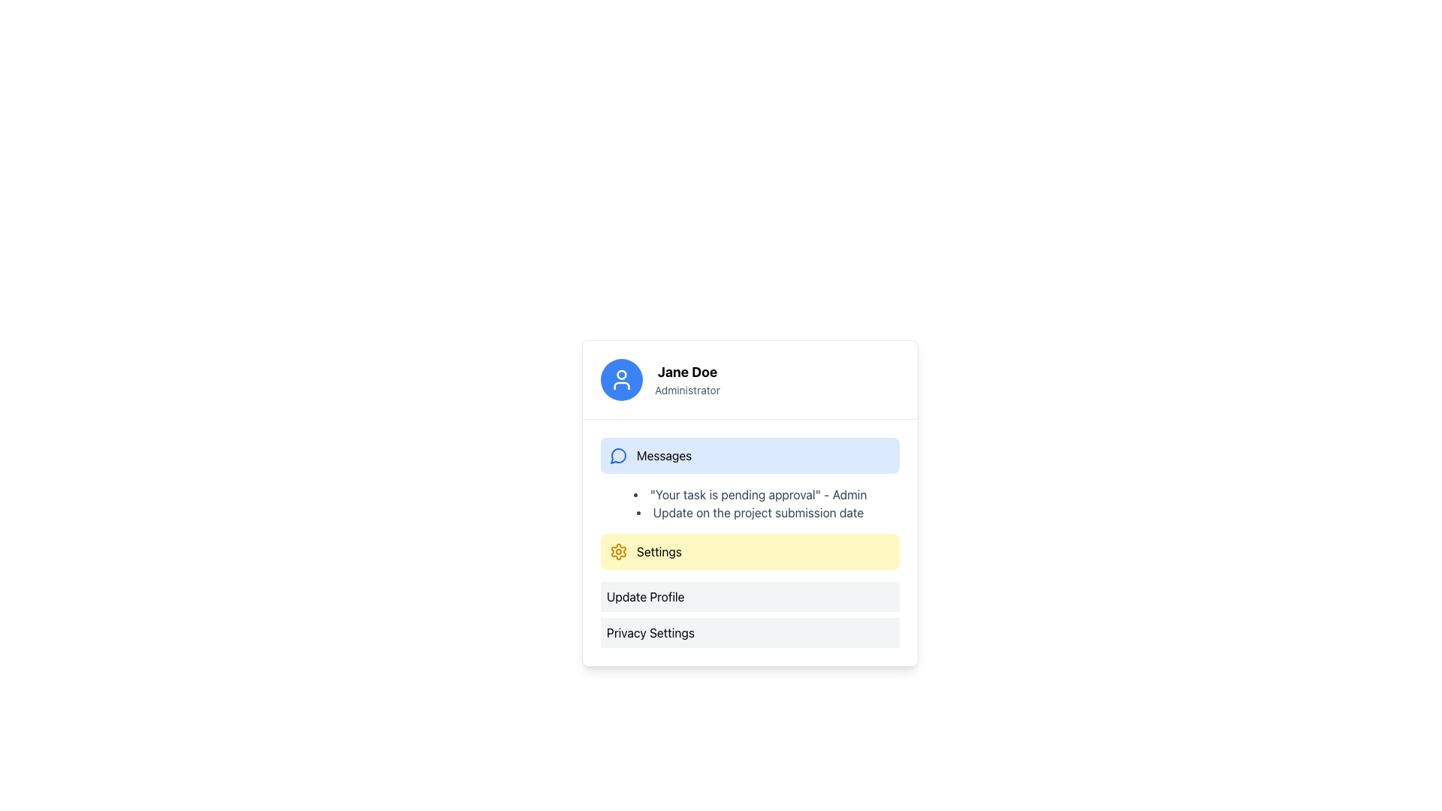 The image size is (1442, 811). Describe the element at coordinates (619, 552) in the screenshot. I see `the gear-shaped icon located in the Settings section` at that location.